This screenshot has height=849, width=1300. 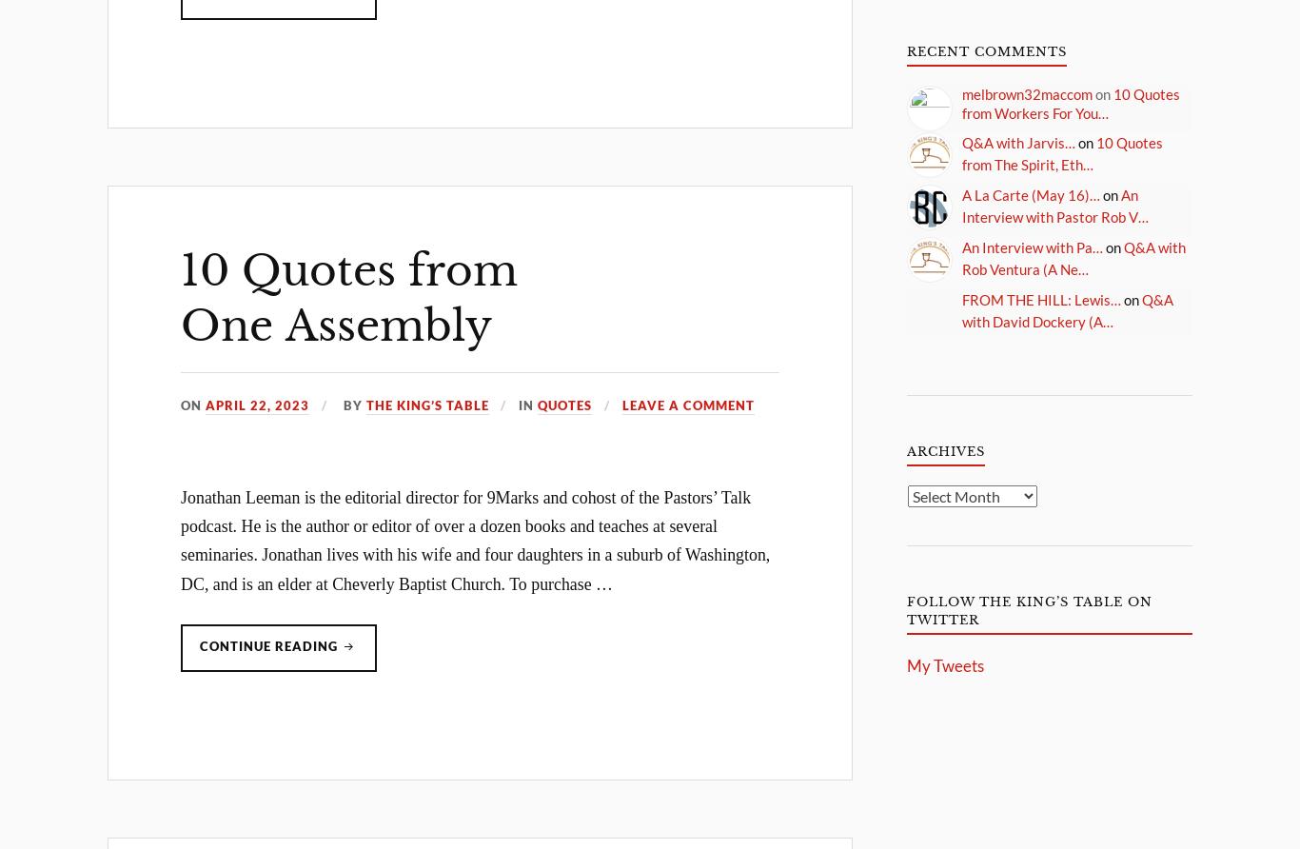 I want to click on 'Jonathan Leeman is the editorial director for 9Marks and cohost of the Pastors’ Talk podcast. He is the author or editor of over a dozen books and teaches at several seminaries. Jonathan lives with his wife and four daughters in a suburb of Washington, DC, and is an elder at Cheverly Baptist Church. To purchase …', so click(x=475, y=539).